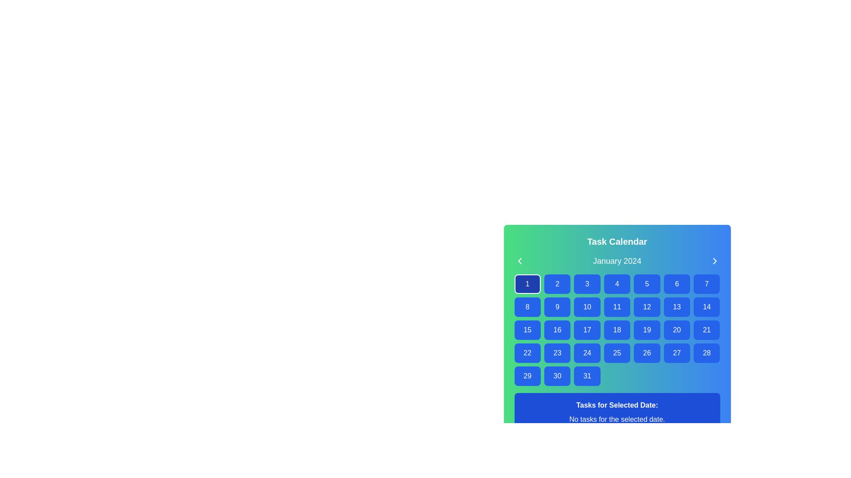  I want to click on the button representing the sixth day of January 2024 in the calendar view, so click(676, 284).